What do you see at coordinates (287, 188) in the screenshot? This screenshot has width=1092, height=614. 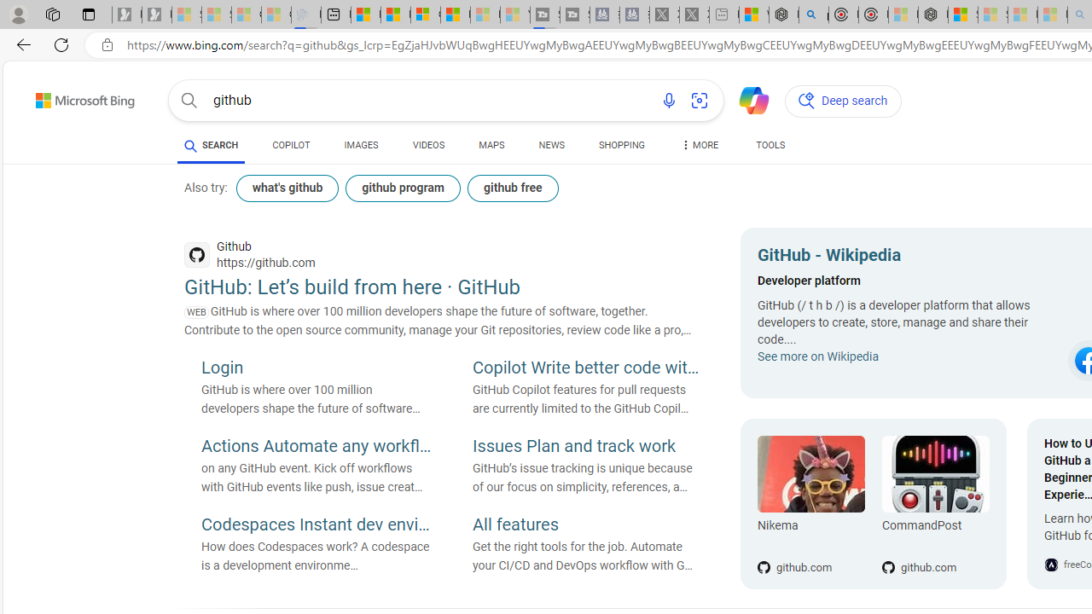 I see `'what'` at bounding box center [287, 188].